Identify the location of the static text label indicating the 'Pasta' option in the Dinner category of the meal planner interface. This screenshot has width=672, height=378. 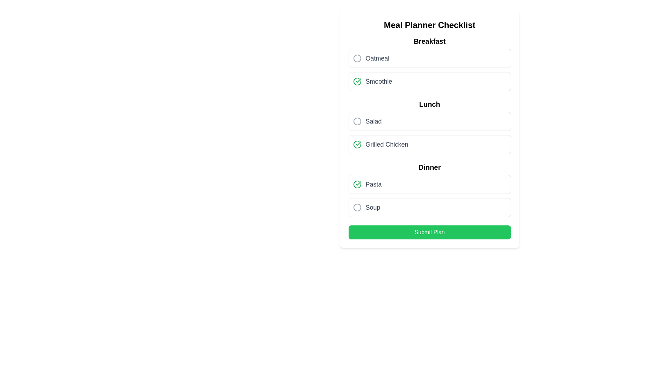
(373, 184).